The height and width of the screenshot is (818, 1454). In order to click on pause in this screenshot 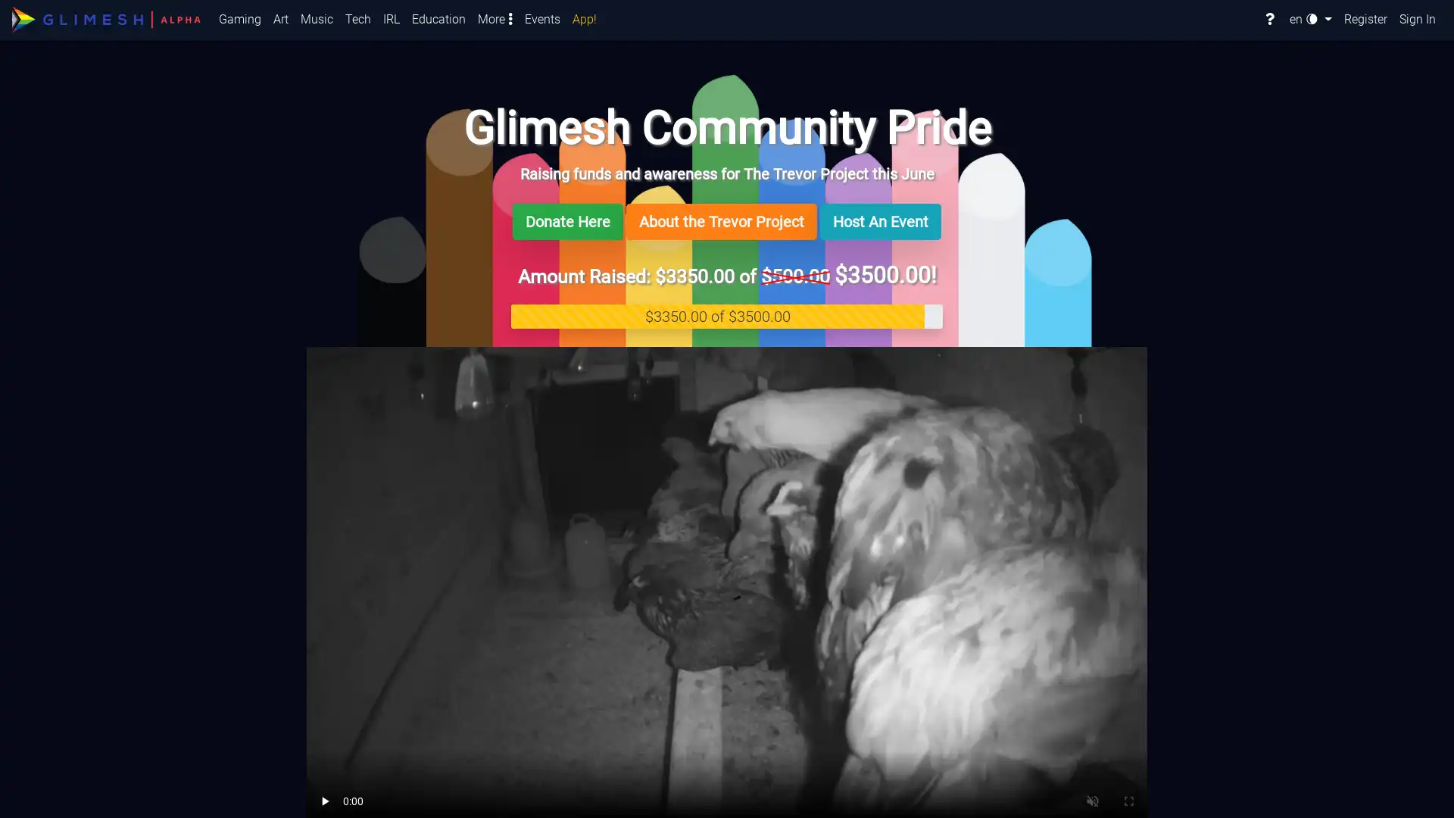, I will do `click(326, 798)`.